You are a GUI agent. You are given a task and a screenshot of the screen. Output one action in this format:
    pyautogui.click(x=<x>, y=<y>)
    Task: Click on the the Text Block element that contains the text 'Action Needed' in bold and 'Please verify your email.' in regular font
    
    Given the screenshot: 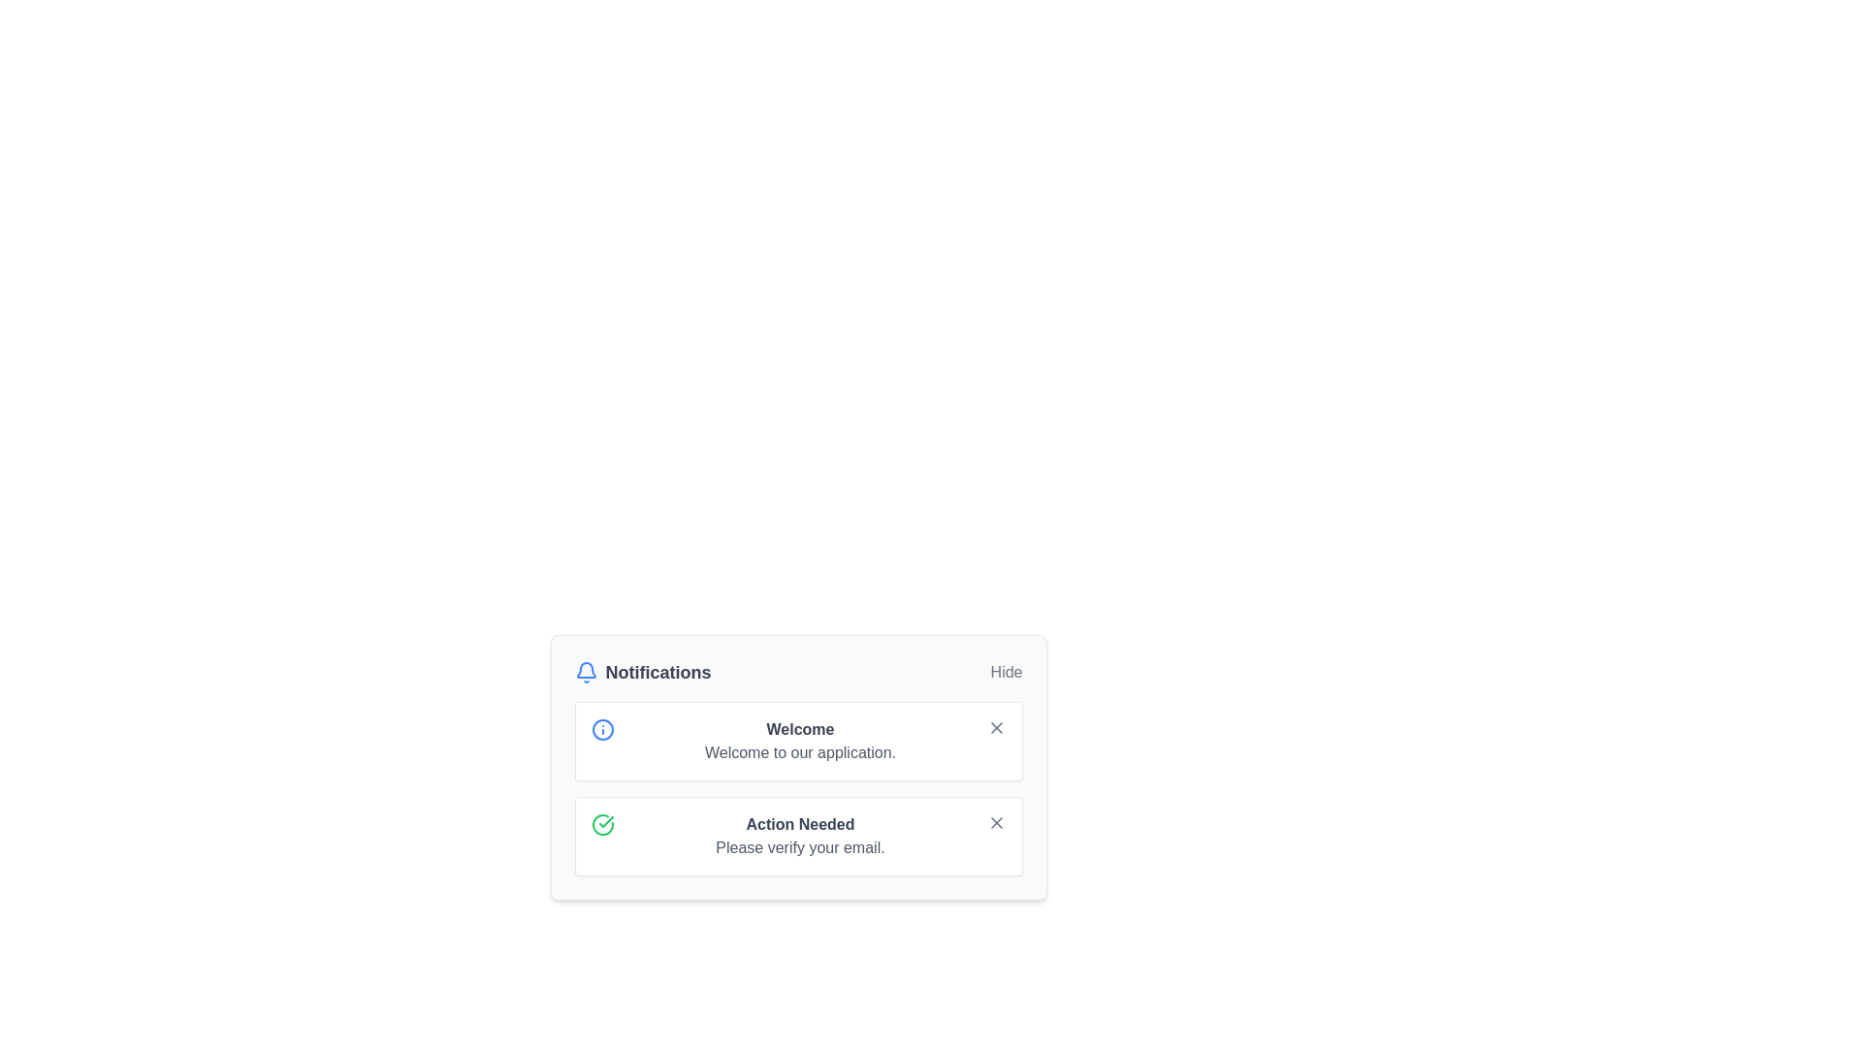 What is the action you would take?
    pyautogui.click(x=800, y=836)
    